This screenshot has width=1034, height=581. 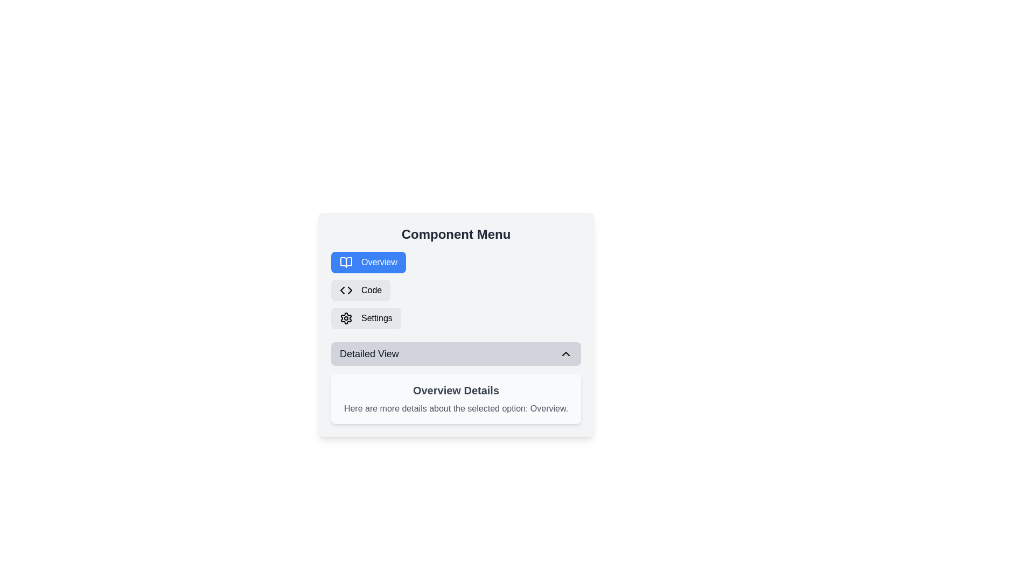 I want to click on the 'Overview' menu item in the Component Menu, so click(x=379, y=263).